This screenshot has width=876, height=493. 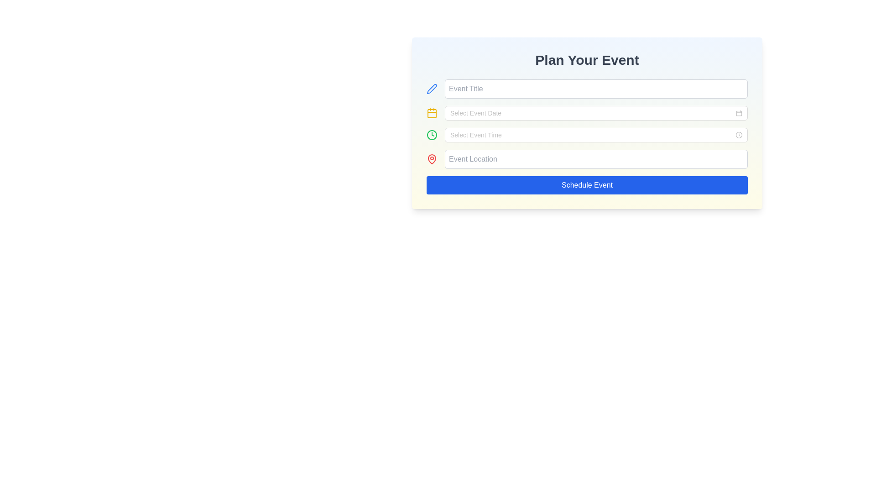 What do you see at coordinates (592, 135) in the screenshot?
I see `the third input field for time selection located below the 'Select Event Date' field` at bounding box center [592, 135].